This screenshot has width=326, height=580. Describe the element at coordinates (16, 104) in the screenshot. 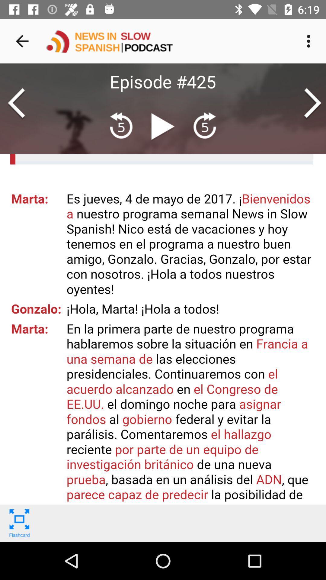

I see `the arrow_backward icon` at that location.